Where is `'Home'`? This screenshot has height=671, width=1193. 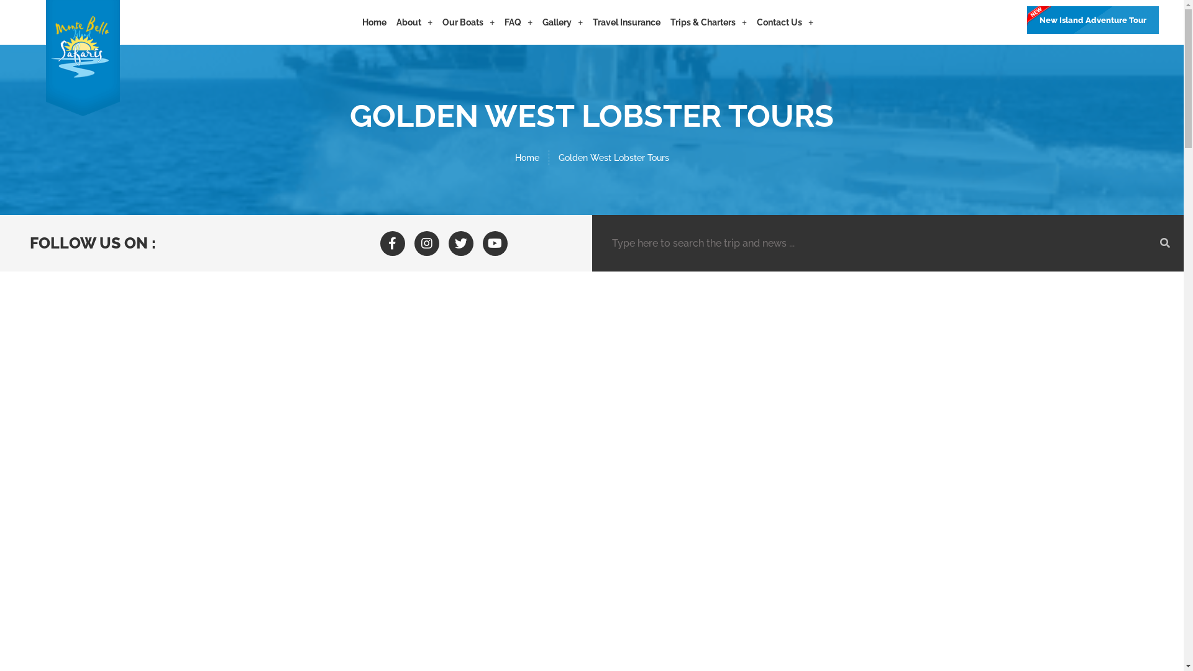
'Home' is located at coordinates (373, 22).